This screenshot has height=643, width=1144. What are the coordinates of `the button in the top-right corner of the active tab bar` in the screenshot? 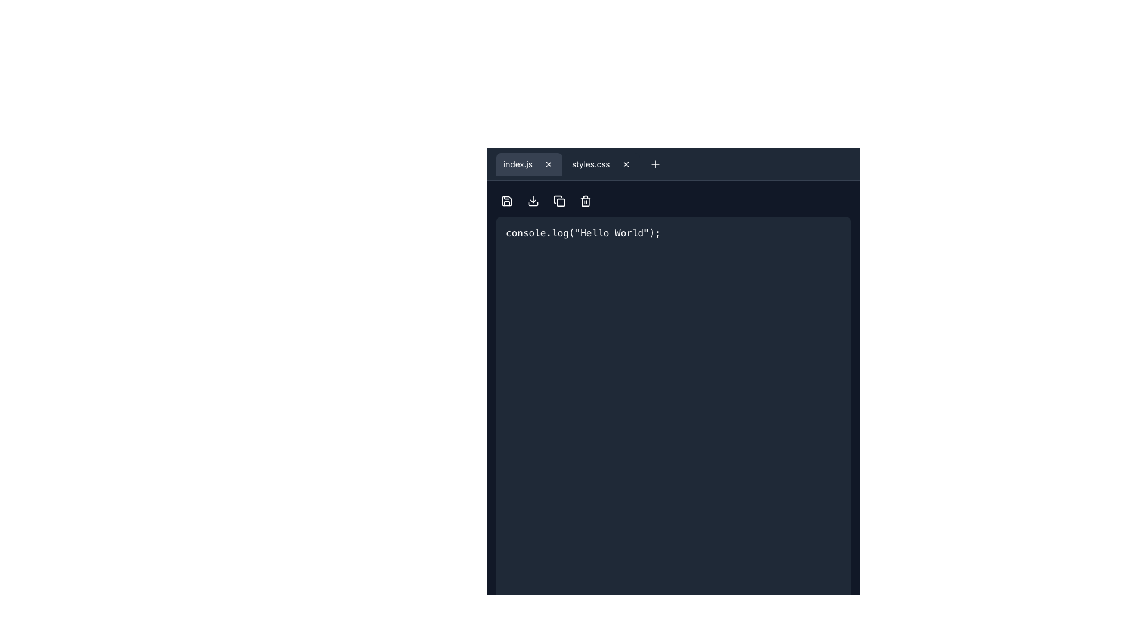 It's located at (654, 164).